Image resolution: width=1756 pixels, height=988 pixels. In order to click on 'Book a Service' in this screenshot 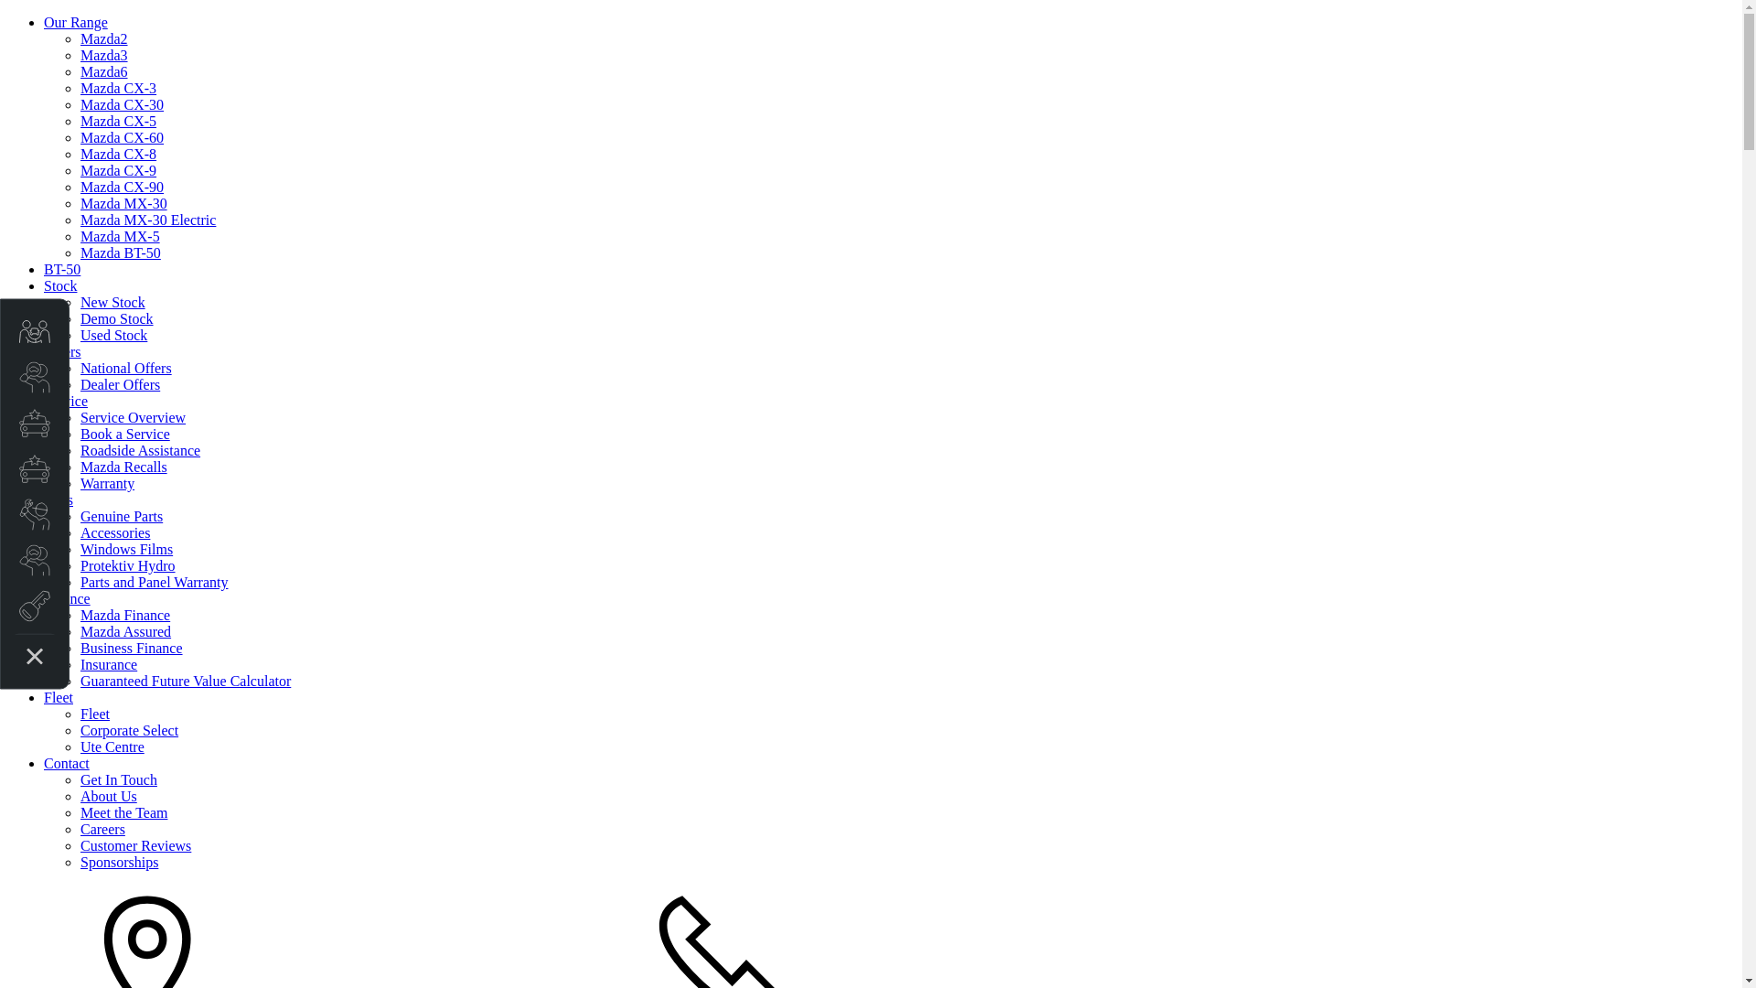, I will do `click(79, 434)`.